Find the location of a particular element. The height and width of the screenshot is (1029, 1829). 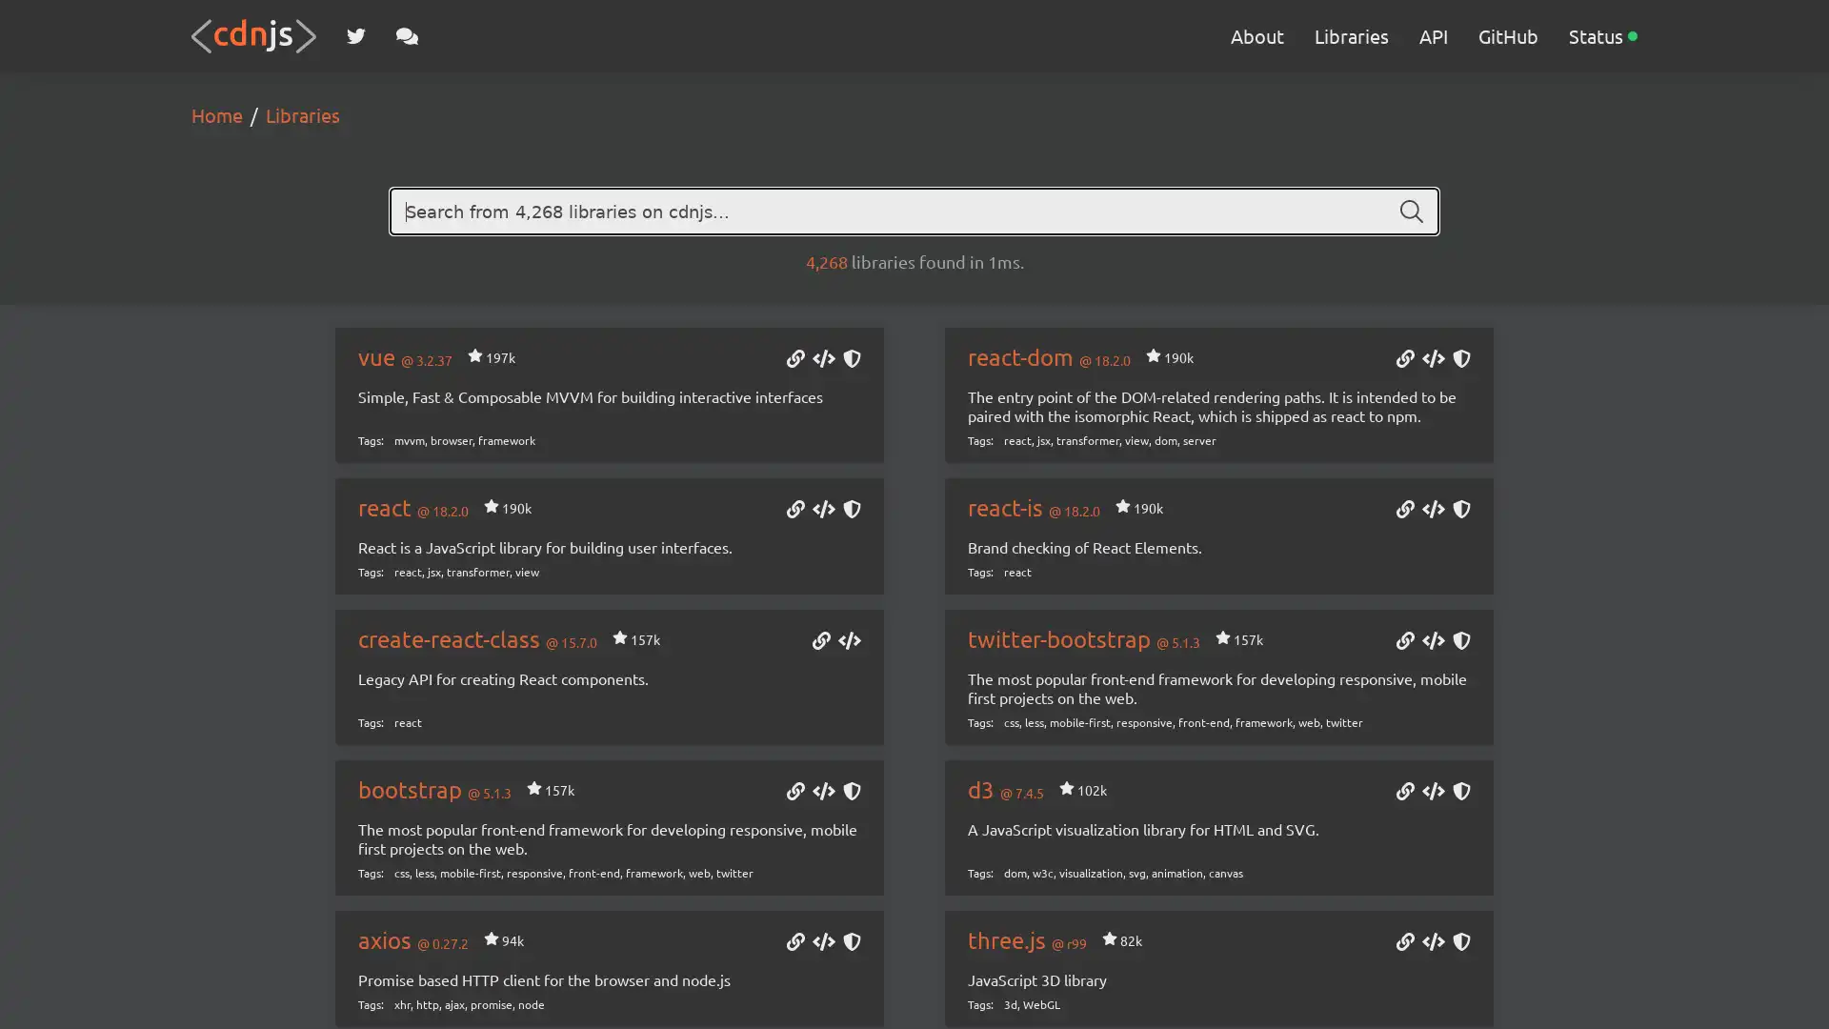

Copy URL is located at coordinates (794, 943).